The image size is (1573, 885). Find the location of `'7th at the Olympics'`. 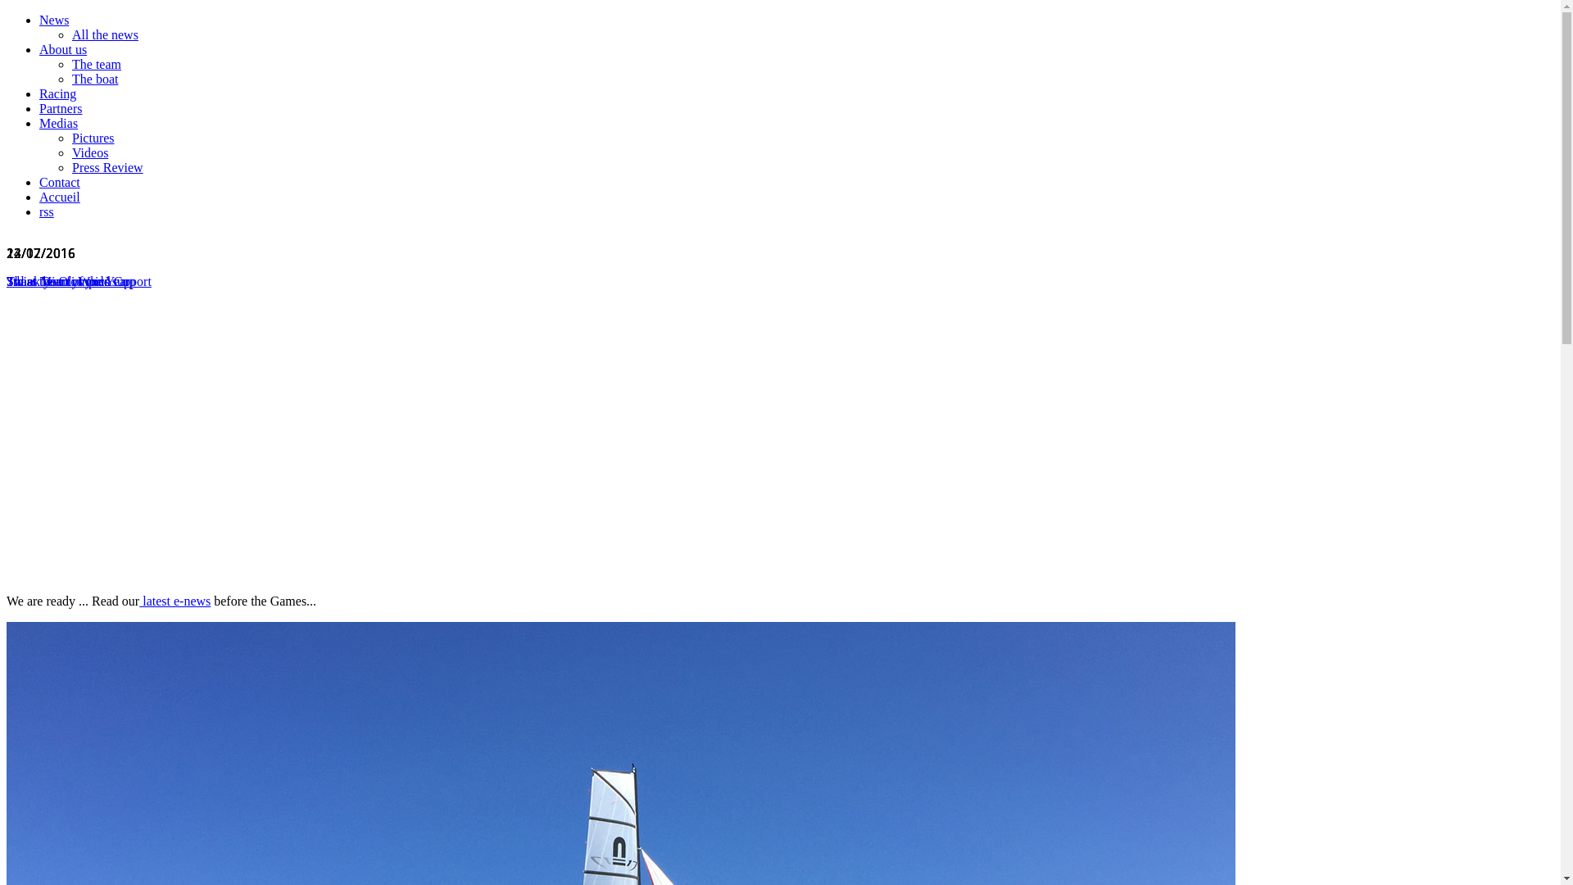

'7th at the Olympics' is located at coordinates (7, 280).